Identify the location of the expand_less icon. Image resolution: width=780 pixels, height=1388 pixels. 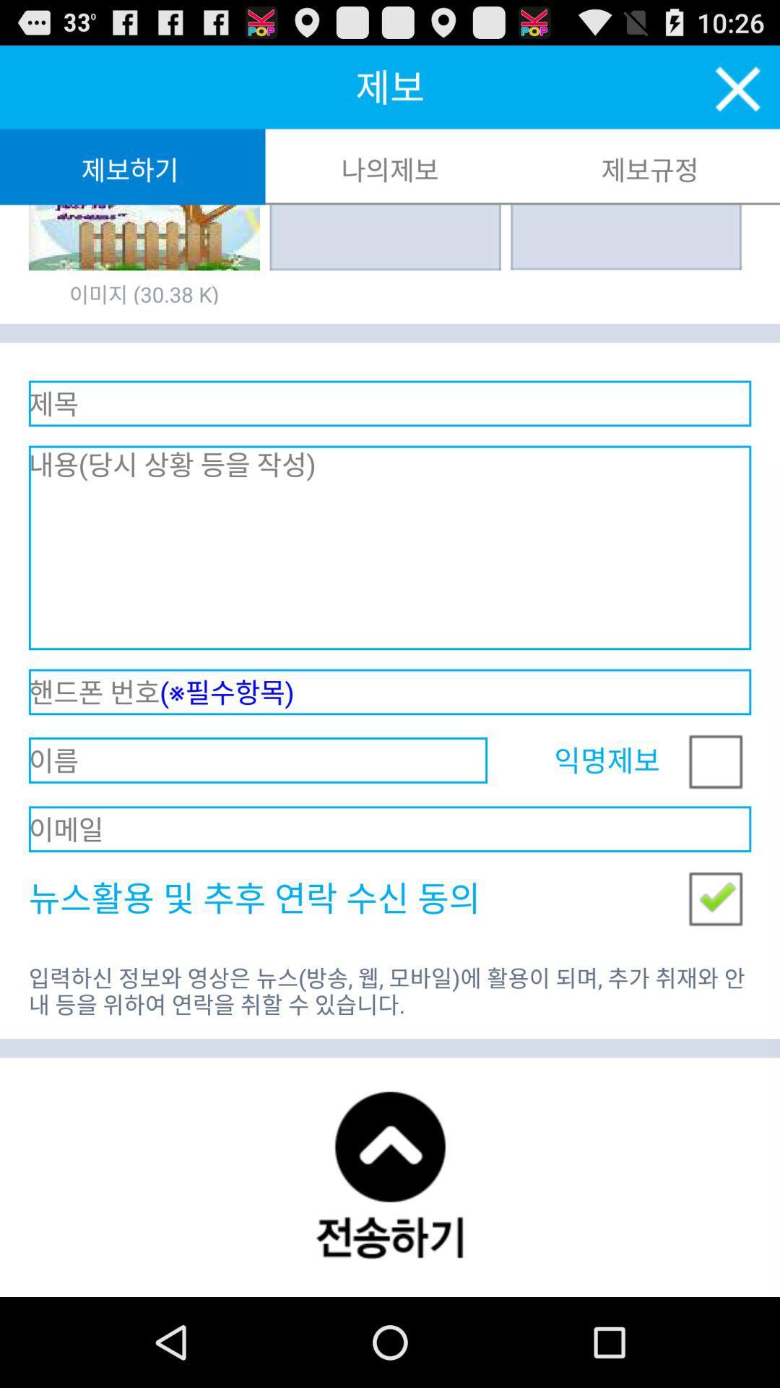
(389, 1257).